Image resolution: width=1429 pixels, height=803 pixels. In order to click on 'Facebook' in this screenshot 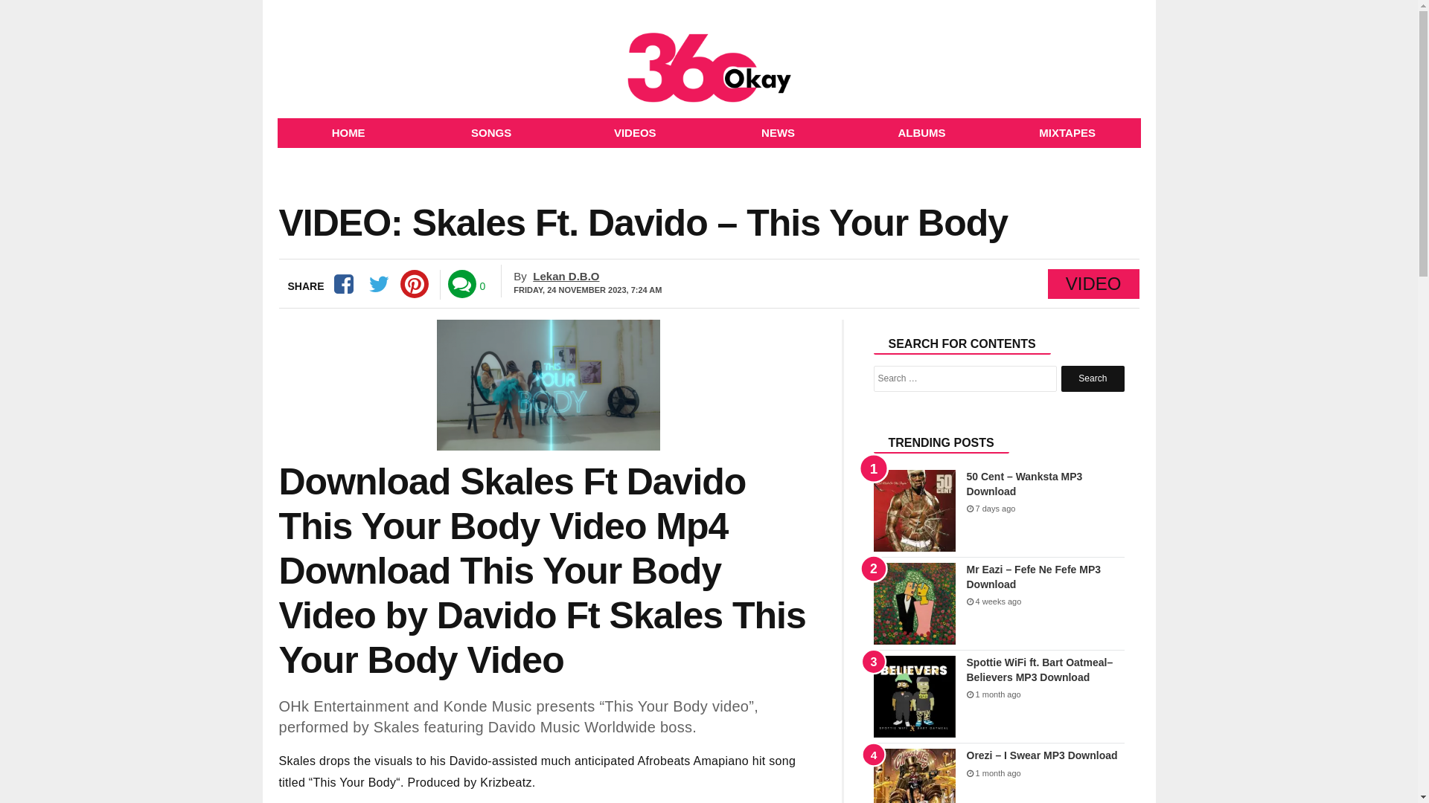, I will do `click(327, 283)`.